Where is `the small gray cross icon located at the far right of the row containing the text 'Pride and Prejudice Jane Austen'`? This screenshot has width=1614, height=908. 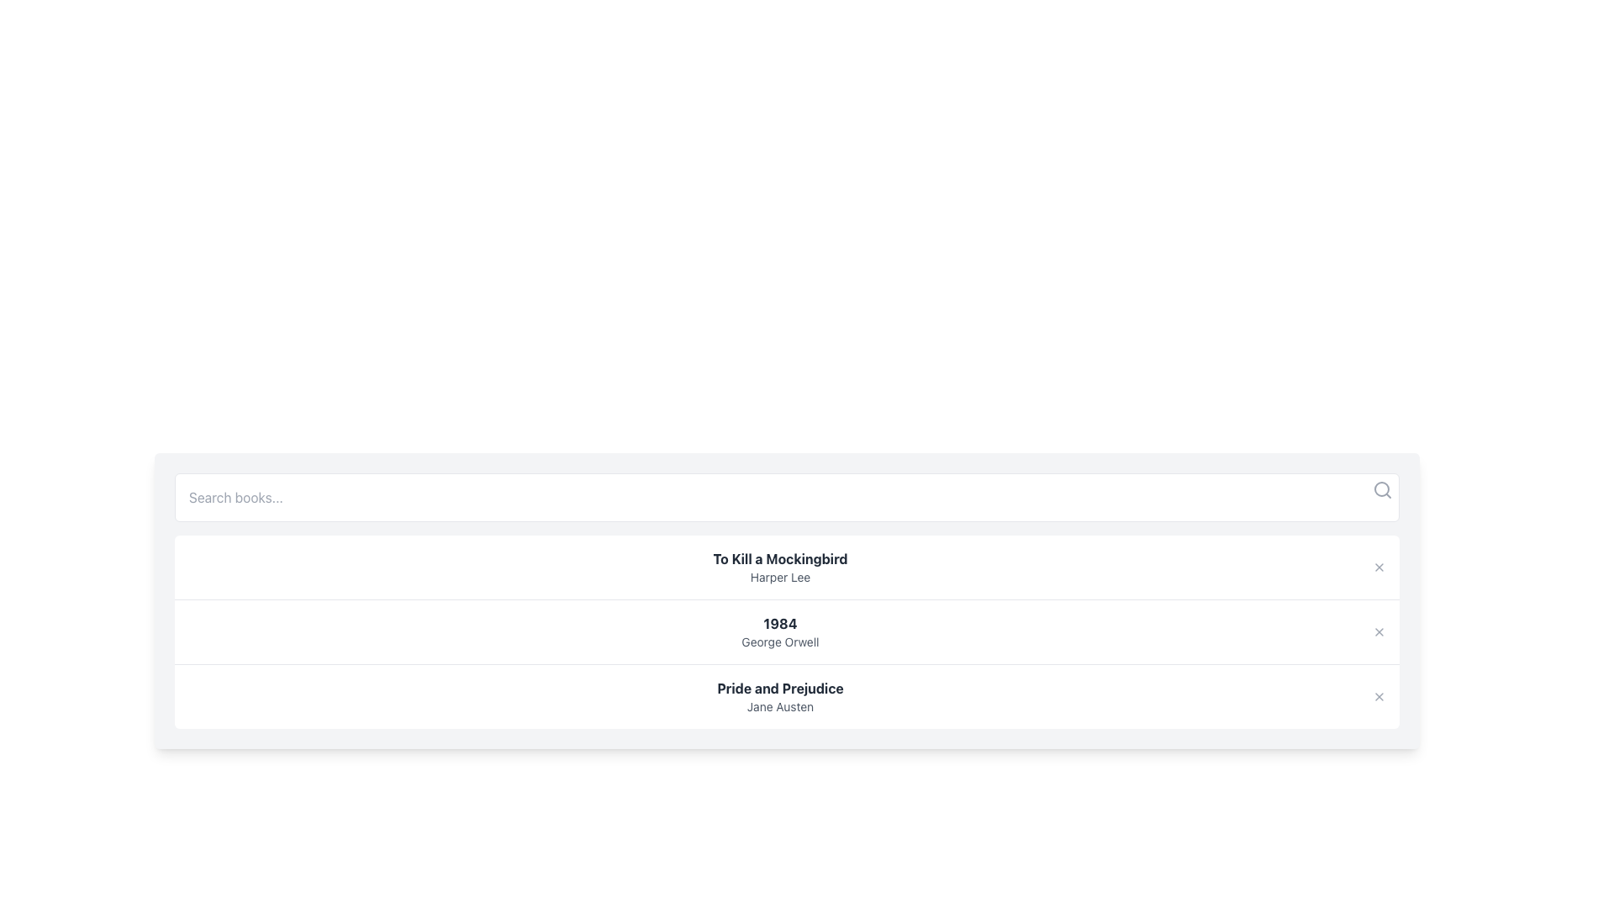
the small gray cross icon located at the far right of the row containing the text 'Pride and Prejudice Jane Austen' is located at coordinates (1379, 697).